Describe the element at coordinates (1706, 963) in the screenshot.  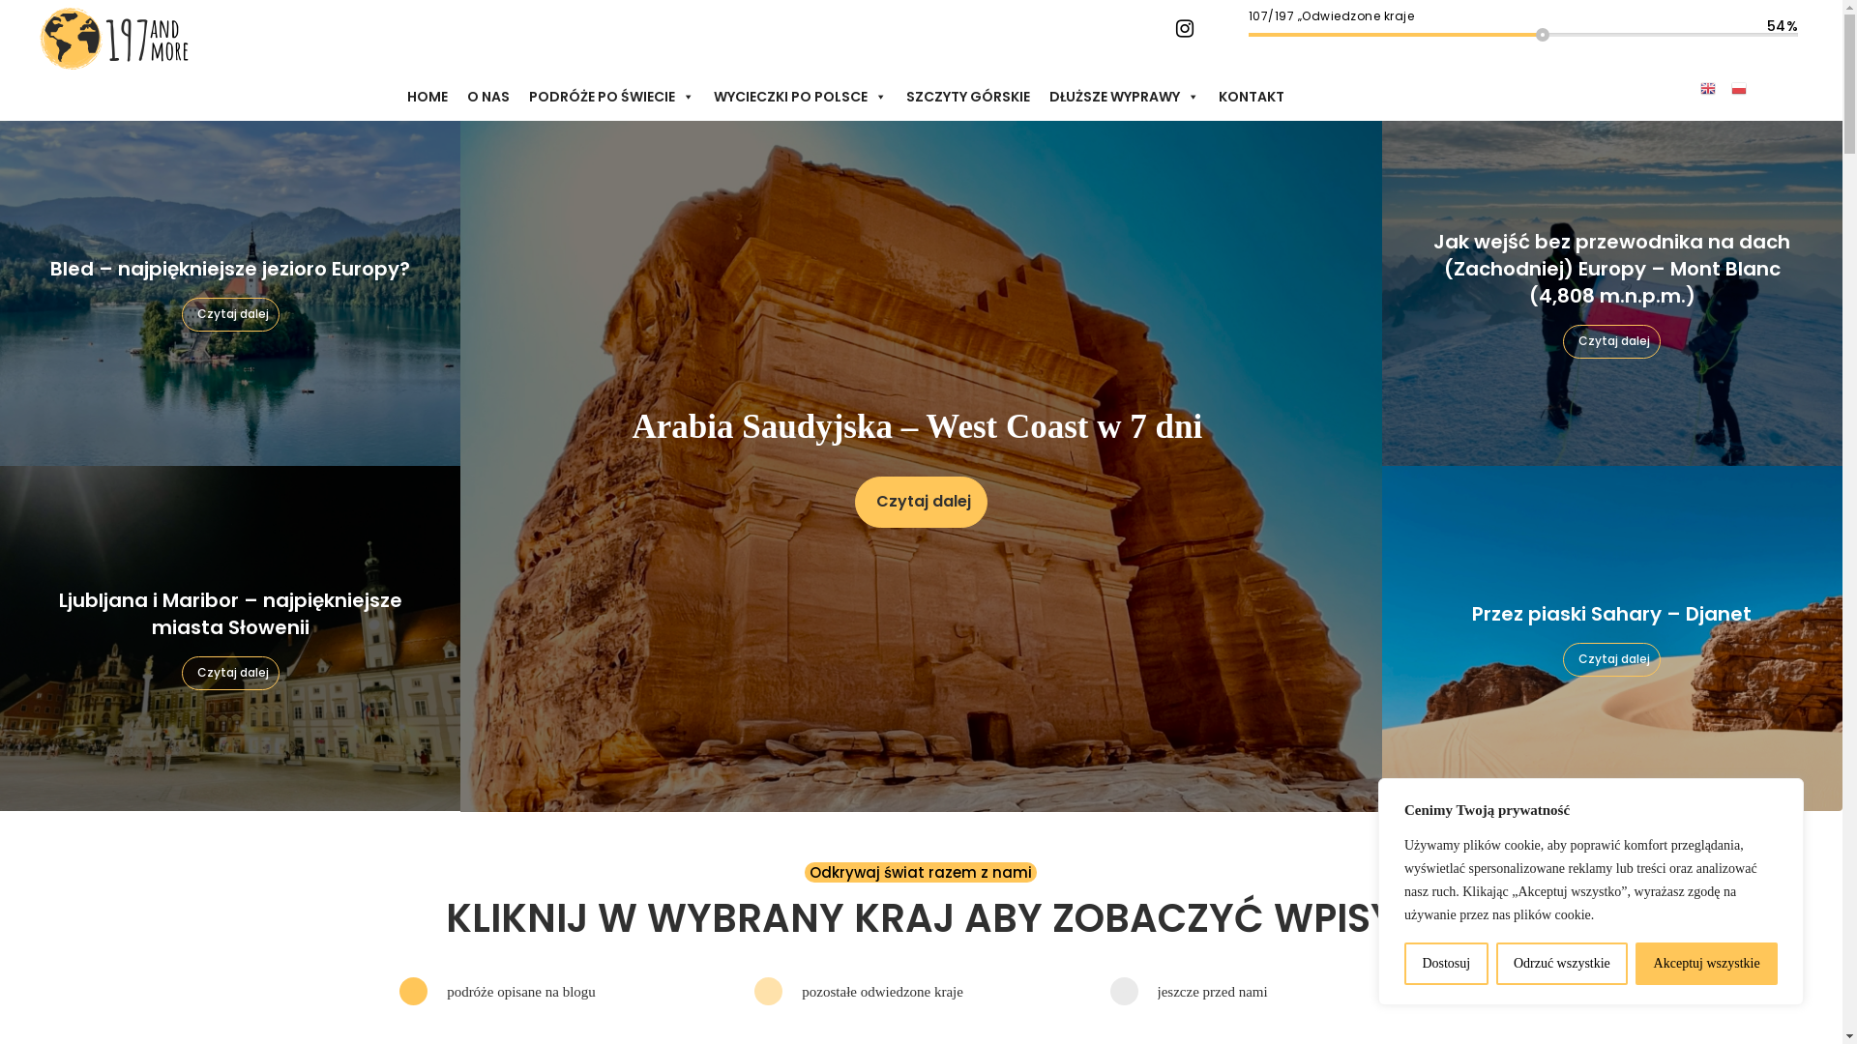
I see `'Akceptuj wszystkie'` at that location.